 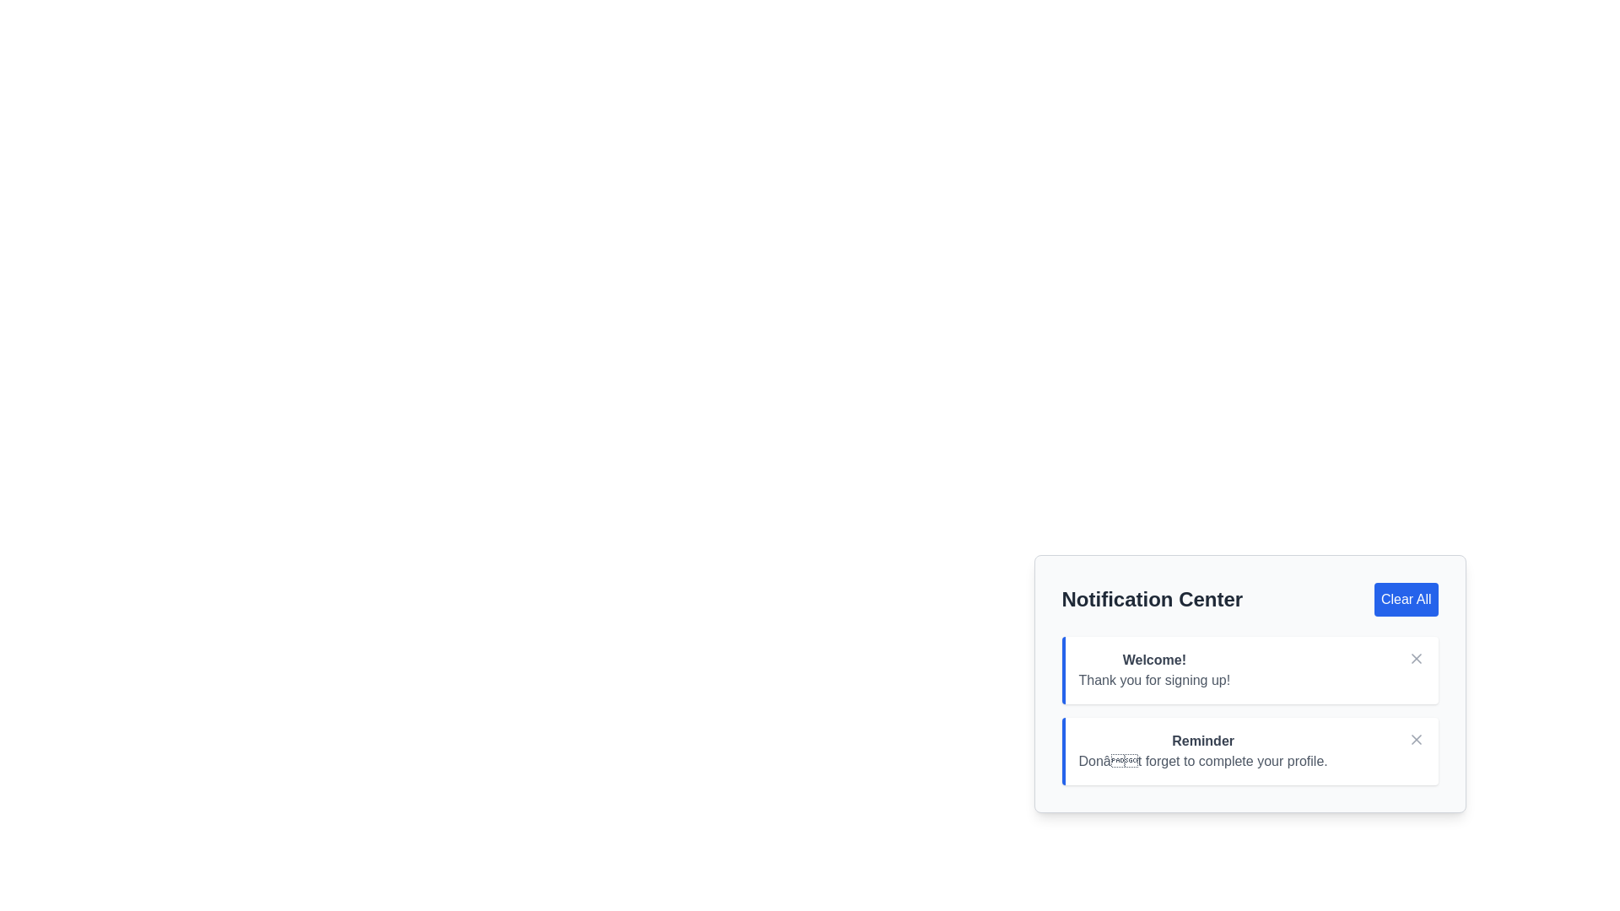 I want to click on text content of the Text Label which serves as the title for the notification card in the Notification Center, so click(x=1202, y=741).